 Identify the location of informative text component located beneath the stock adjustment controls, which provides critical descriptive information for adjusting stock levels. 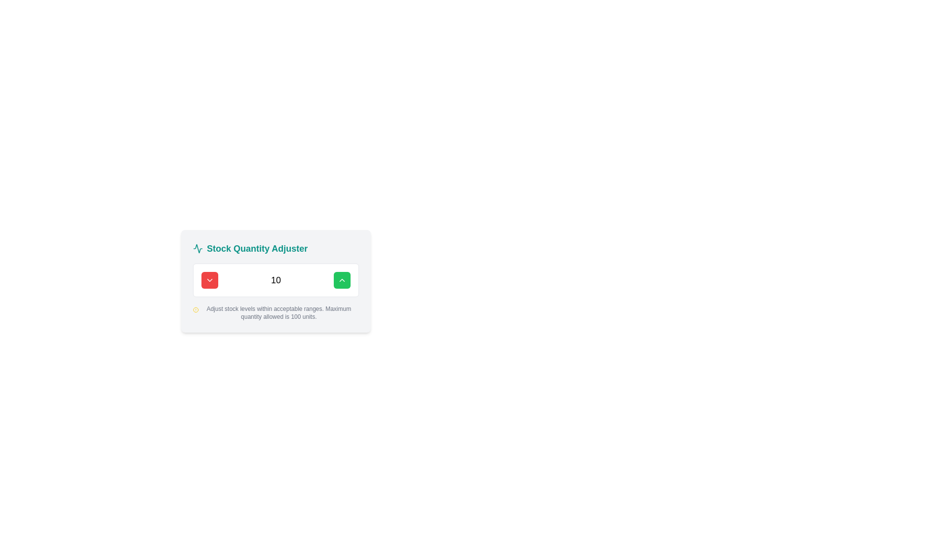
(278, 312).